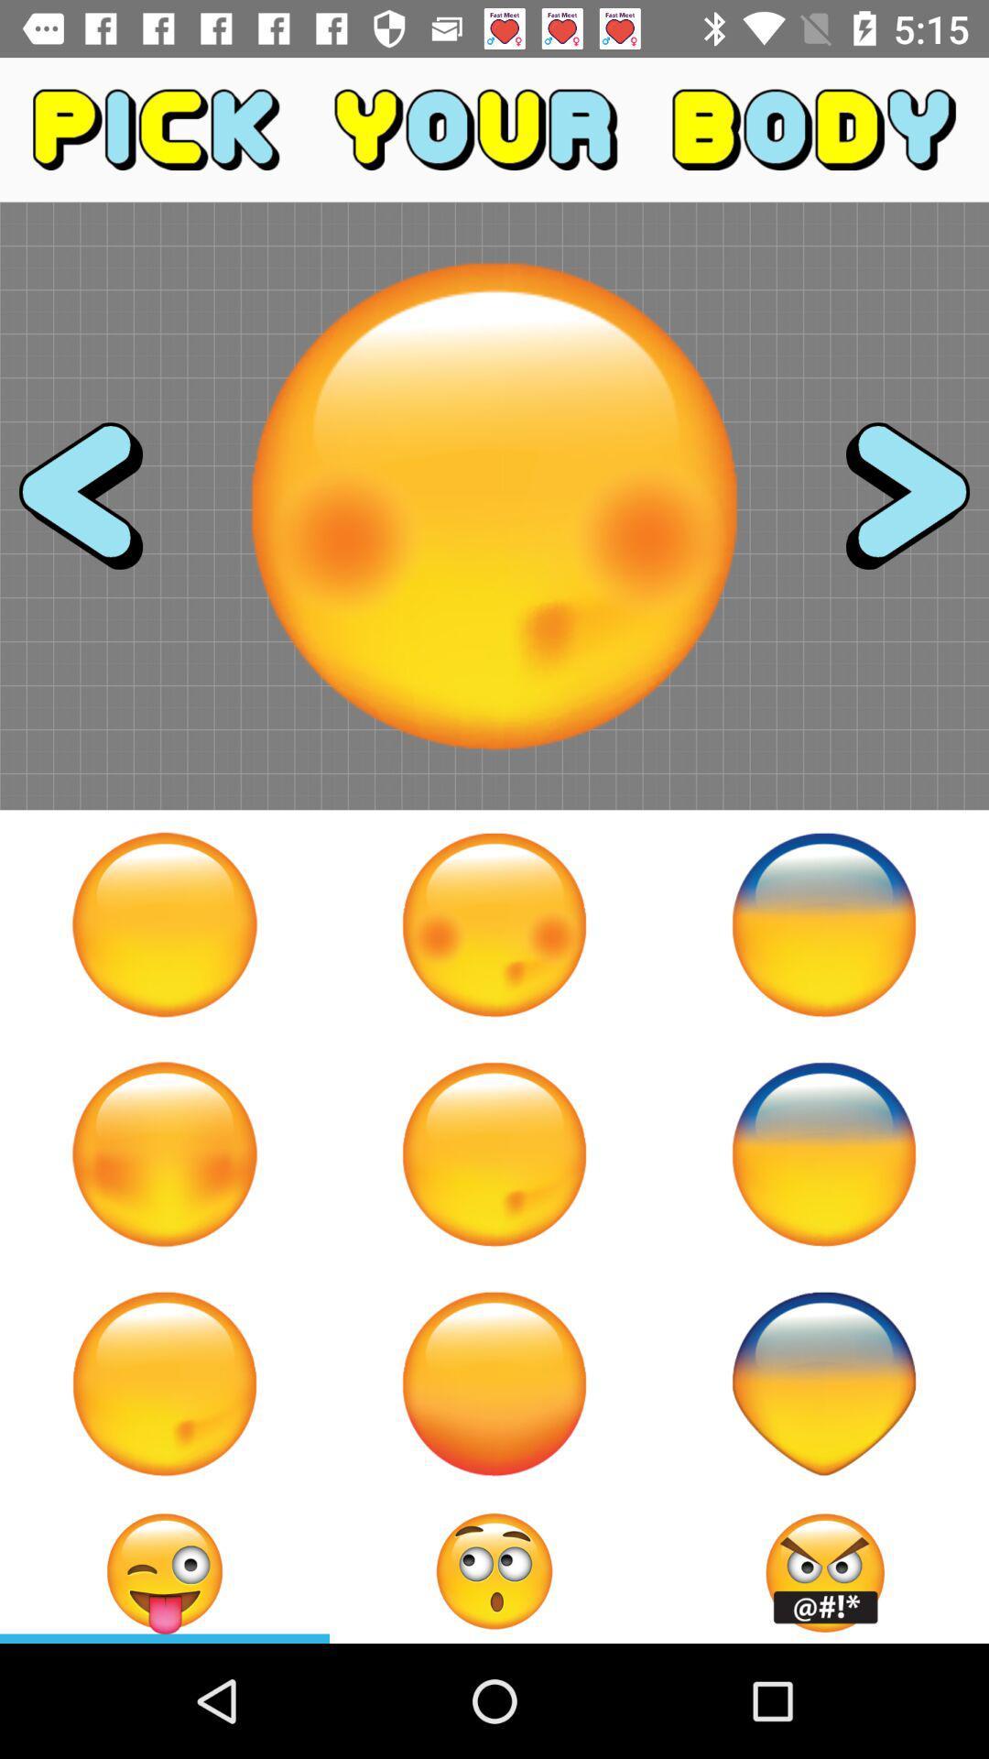  What do you see at coordinates (494, 1153) in the screenshot?
I see `change face` at bounding box center [494, 1153].